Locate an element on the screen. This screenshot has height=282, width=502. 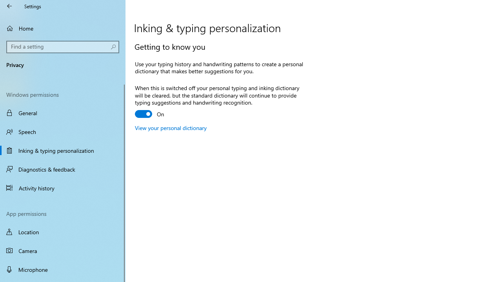
'Back' is located at coordinates (9, 6).